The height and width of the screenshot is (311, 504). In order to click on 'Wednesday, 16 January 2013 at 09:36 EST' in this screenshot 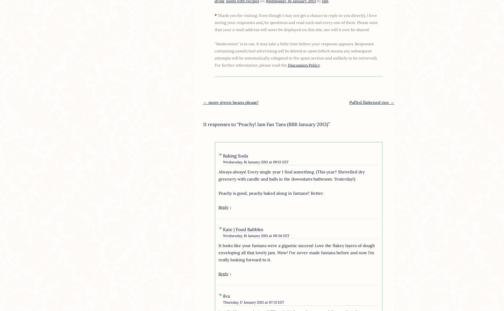, I will do `click(222, 235)`.